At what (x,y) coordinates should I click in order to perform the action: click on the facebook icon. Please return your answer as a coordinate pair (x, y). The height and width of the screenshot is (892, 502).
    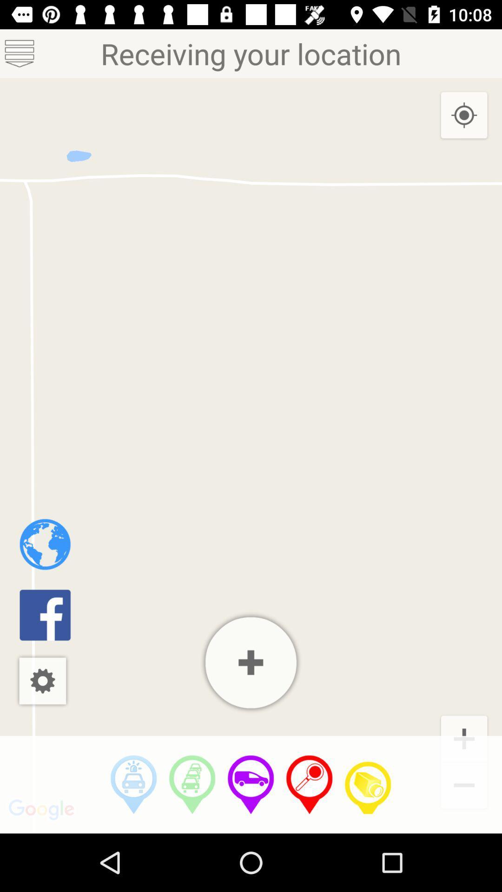
    Looking at the image, I should click on (45, 615).